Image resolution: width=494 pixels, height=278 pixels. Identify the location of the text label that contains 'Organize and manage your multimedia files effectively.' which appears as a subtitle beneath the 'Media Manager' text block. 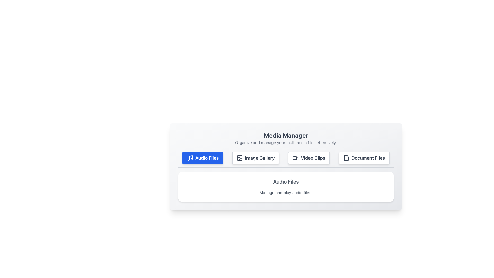
(286, 143).